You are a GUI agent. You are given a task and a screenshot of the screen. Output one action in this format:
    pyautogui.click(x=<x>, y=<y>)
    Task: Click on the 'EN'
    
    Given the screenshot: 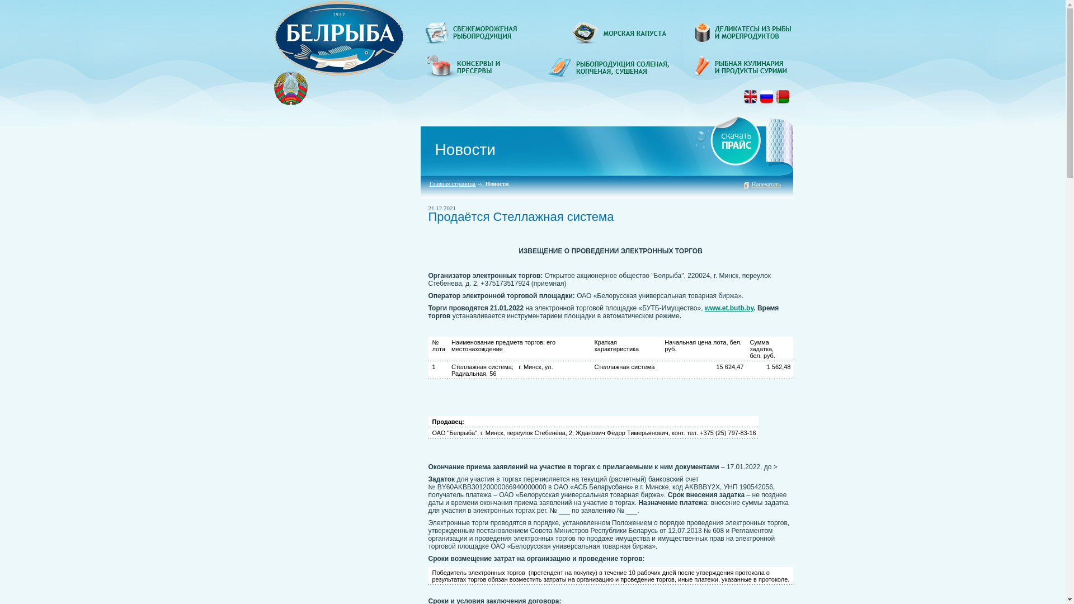 What is the action you would take?
    pyautogui.click(x=750, y=96)
    